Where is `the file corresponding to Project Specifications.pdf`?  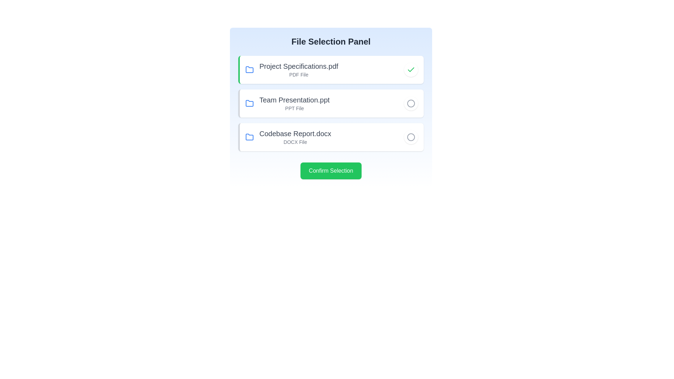 the file corresponding to Project Specifications.pdf is located at coordinates (411, 70).